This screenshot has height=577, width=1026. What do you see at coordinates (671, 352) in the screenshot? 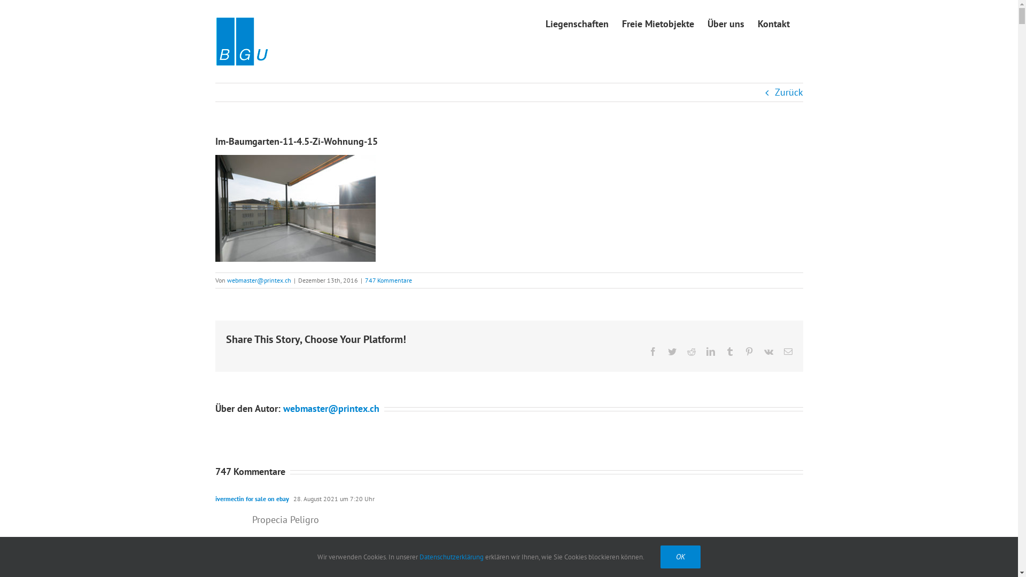
I see `'Twitter'` at bounding box center [671, 352].